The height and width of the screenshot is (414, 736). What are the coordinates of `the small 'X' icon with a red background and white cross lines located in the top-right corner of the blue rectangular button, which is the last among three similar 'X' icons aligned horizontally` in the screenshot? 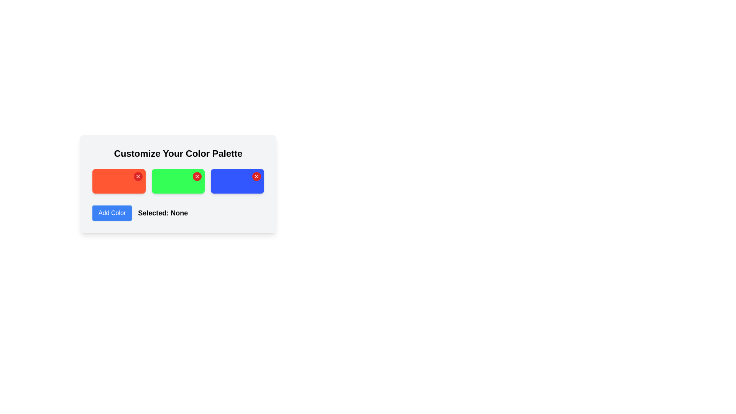 It's located at (256, 176).